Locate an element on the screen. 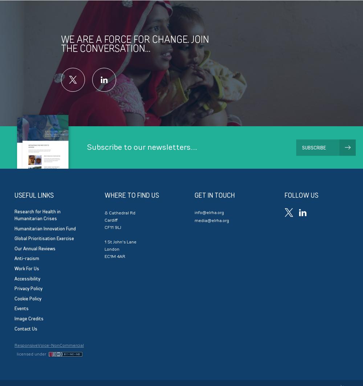 This screenshot has height=386, width=363. 'EC1M 4AR' is located at coordinates (114, 256).